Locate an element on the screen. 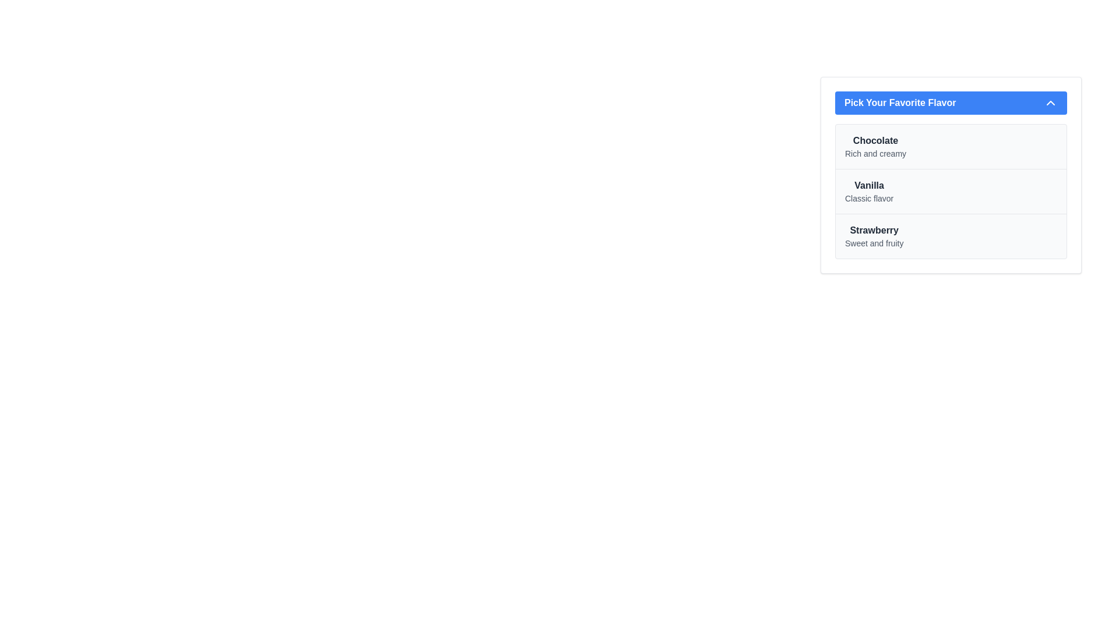 The image size is (1119, 629). the 'Vanilla' flavor option in the dropdown menu titled 'Pick Your Favorite Flavor', which is the second entry in the list, located between 'Chocolate' and 'Strawberry' is located at coordinates (869, 190).